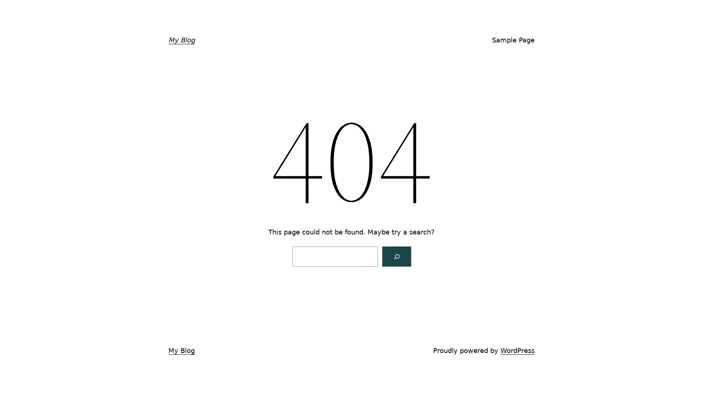 This screenshot has height=395, width=703. Describe the element at coordinates (396, 256) in the screenshot. I see `Search` at that location.